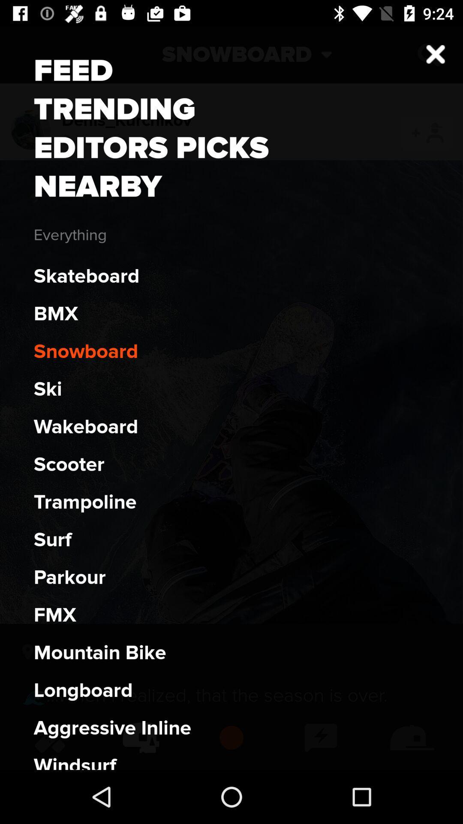 This screenshot has height=824, width=463. Describe the element at coordinates (429, 54) in the screenshot. I see `the close icon` at that location.